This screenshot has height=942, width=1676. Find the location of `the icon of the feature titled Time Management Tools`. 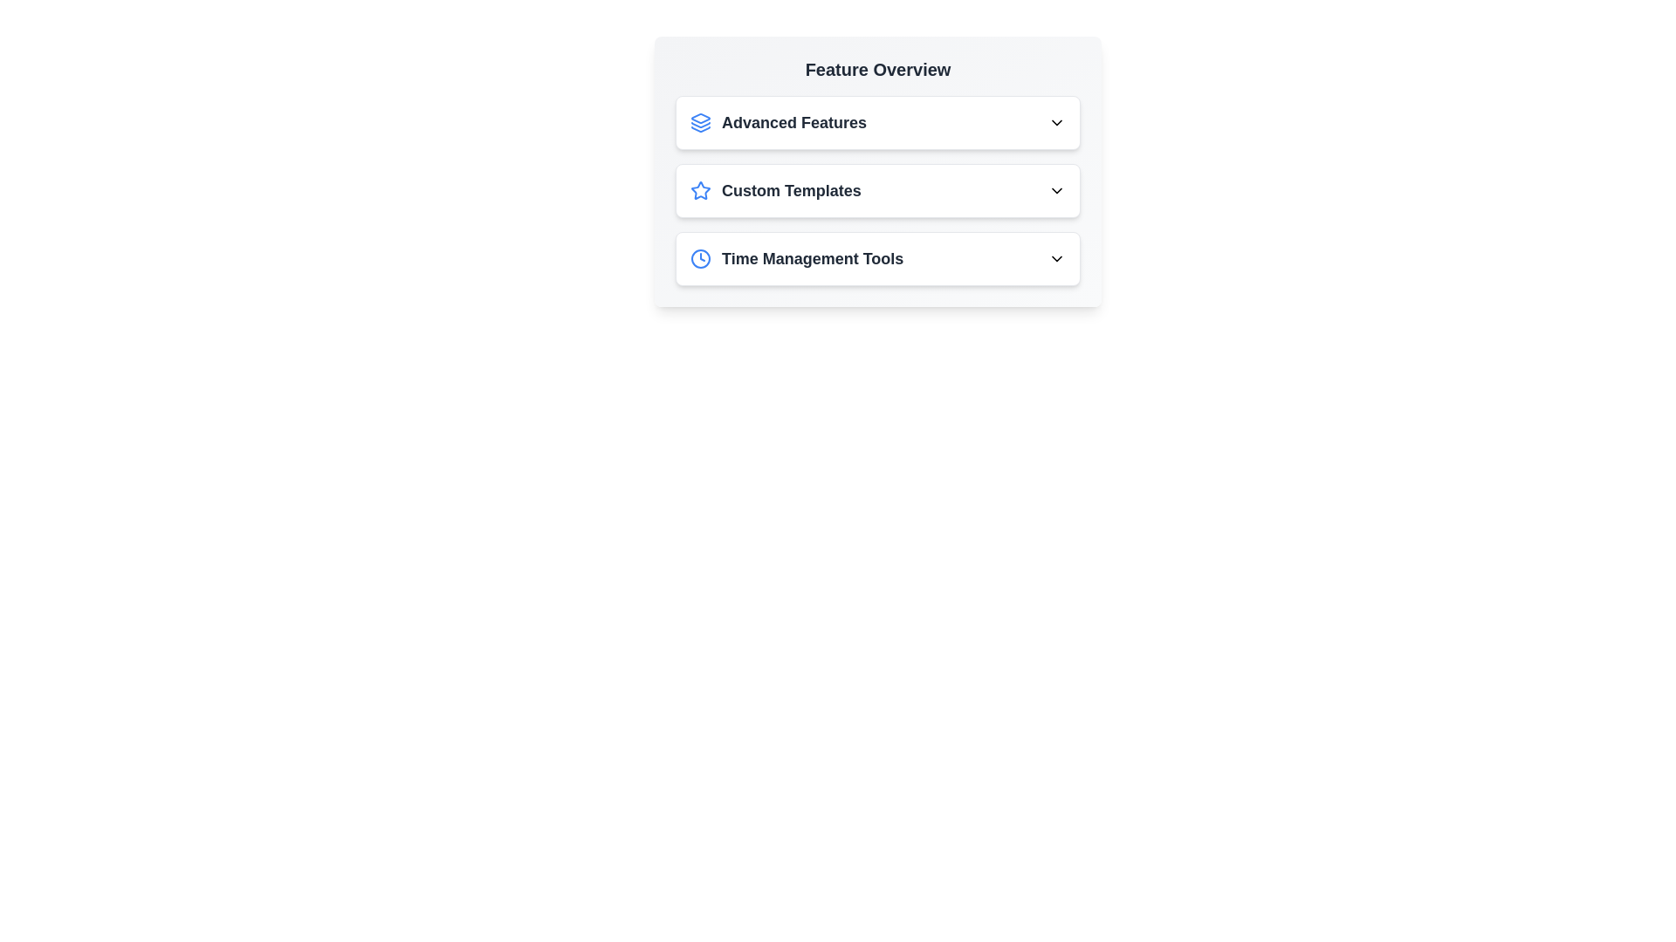

the icon of the feature titled Time Management Tools is located at coordinates (700, 259).